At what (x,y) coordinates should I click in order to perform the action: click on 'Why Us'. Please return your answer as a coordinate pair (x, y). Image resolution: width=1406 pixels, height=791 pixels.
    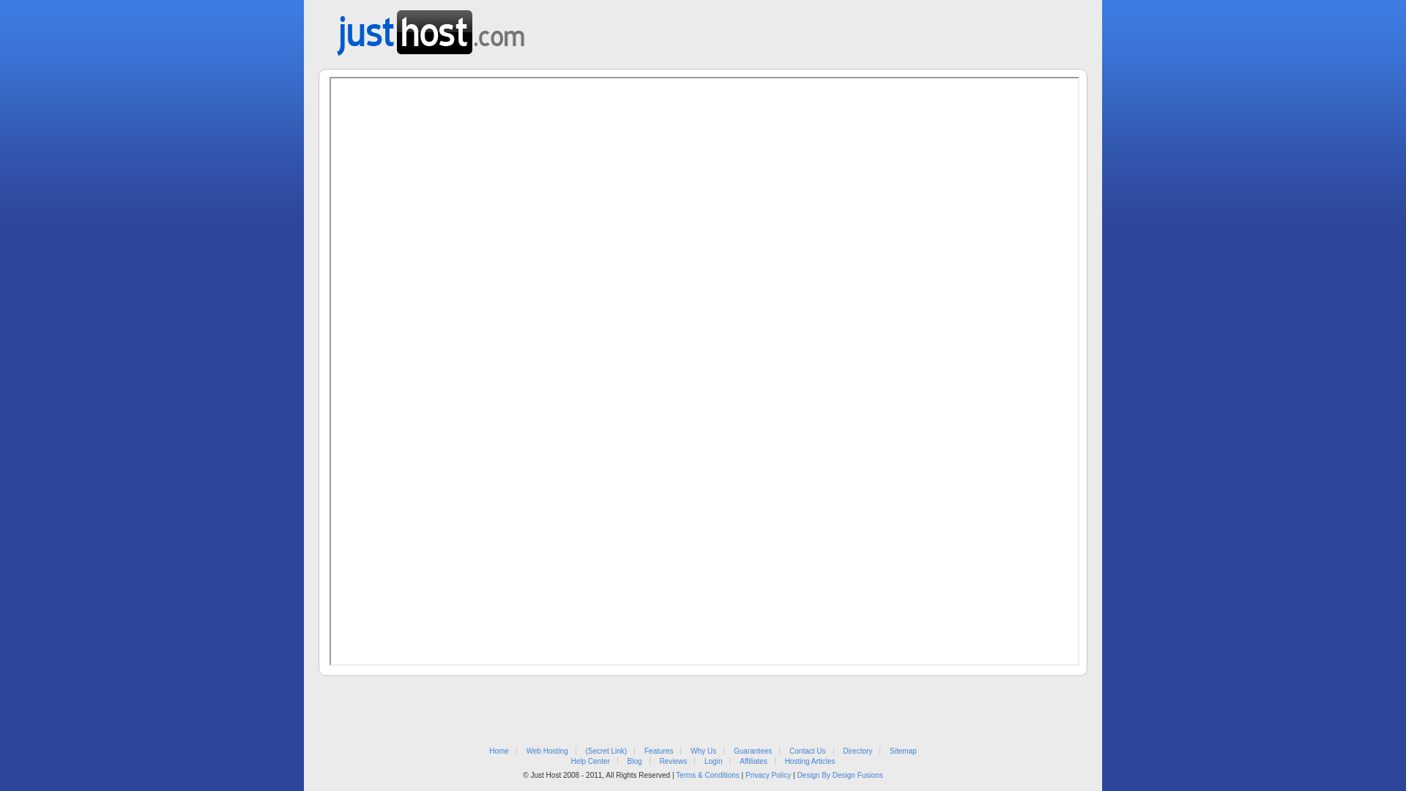
    Looking at the image, I should click on (689, 751).